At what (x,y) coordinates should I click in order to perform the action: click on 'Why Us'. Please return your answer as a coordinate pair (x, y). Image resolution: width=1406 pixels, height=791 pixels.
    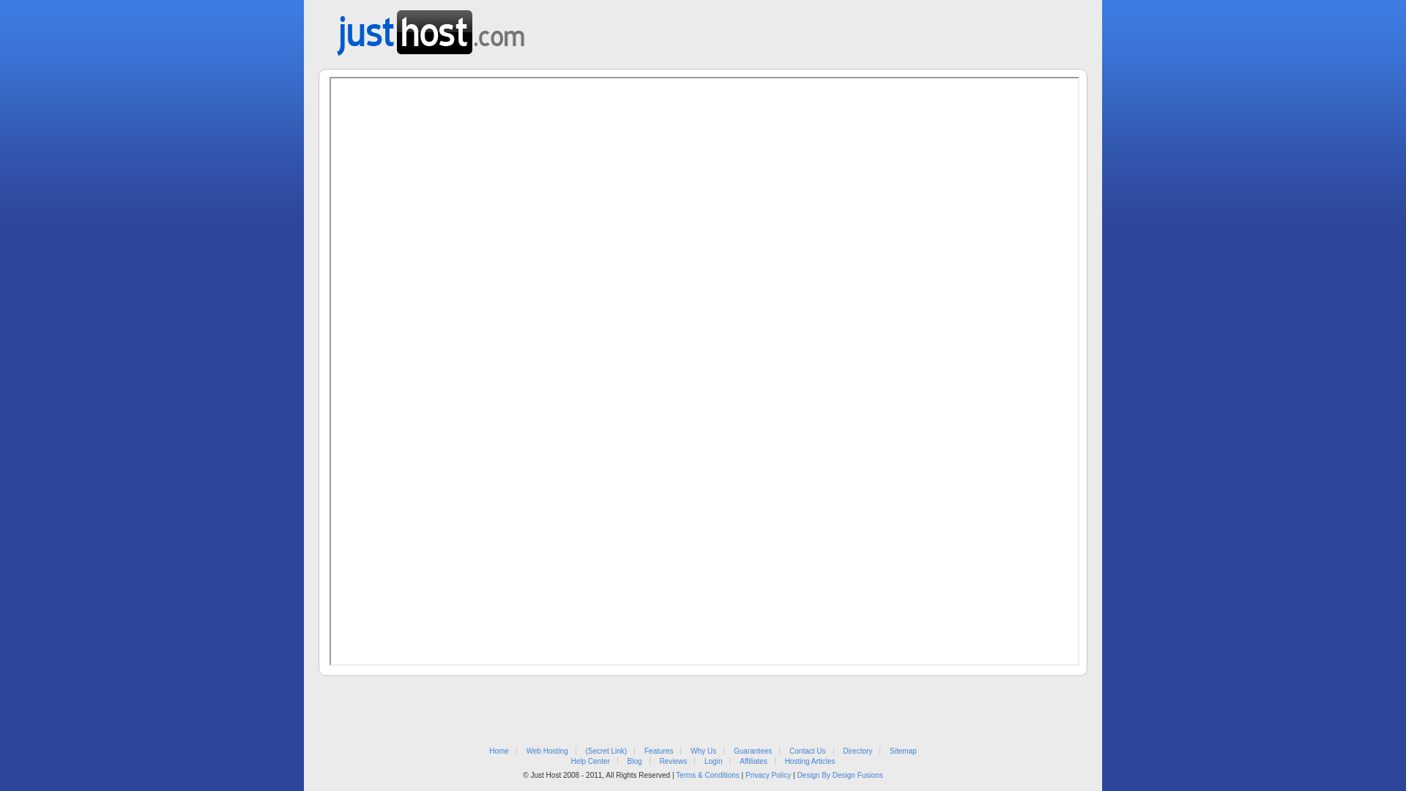
    Looking at the image, I should click on (689, 751).